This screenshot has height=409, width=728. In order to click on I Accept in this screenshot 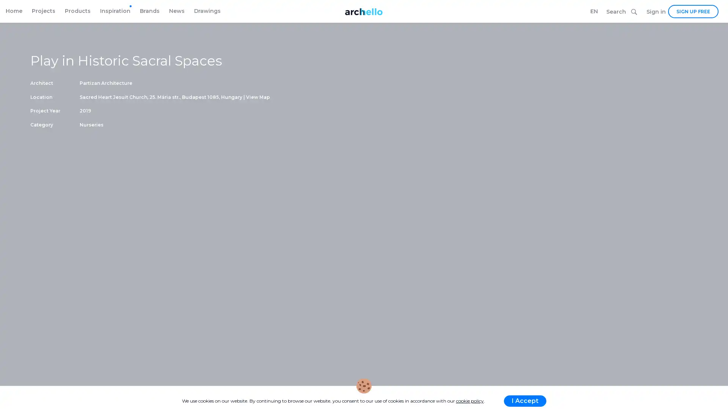, I will do `click(524, 401)`.